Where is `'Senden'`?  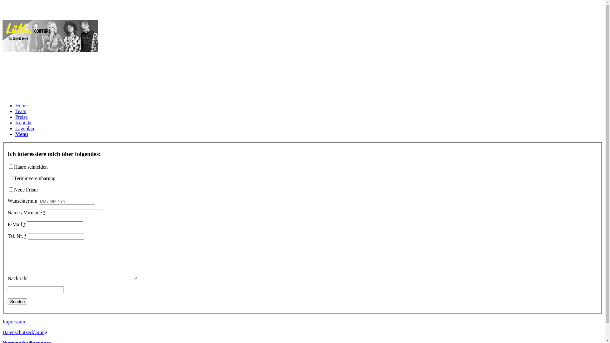 'Senden' is located at coordinates (17, 301).